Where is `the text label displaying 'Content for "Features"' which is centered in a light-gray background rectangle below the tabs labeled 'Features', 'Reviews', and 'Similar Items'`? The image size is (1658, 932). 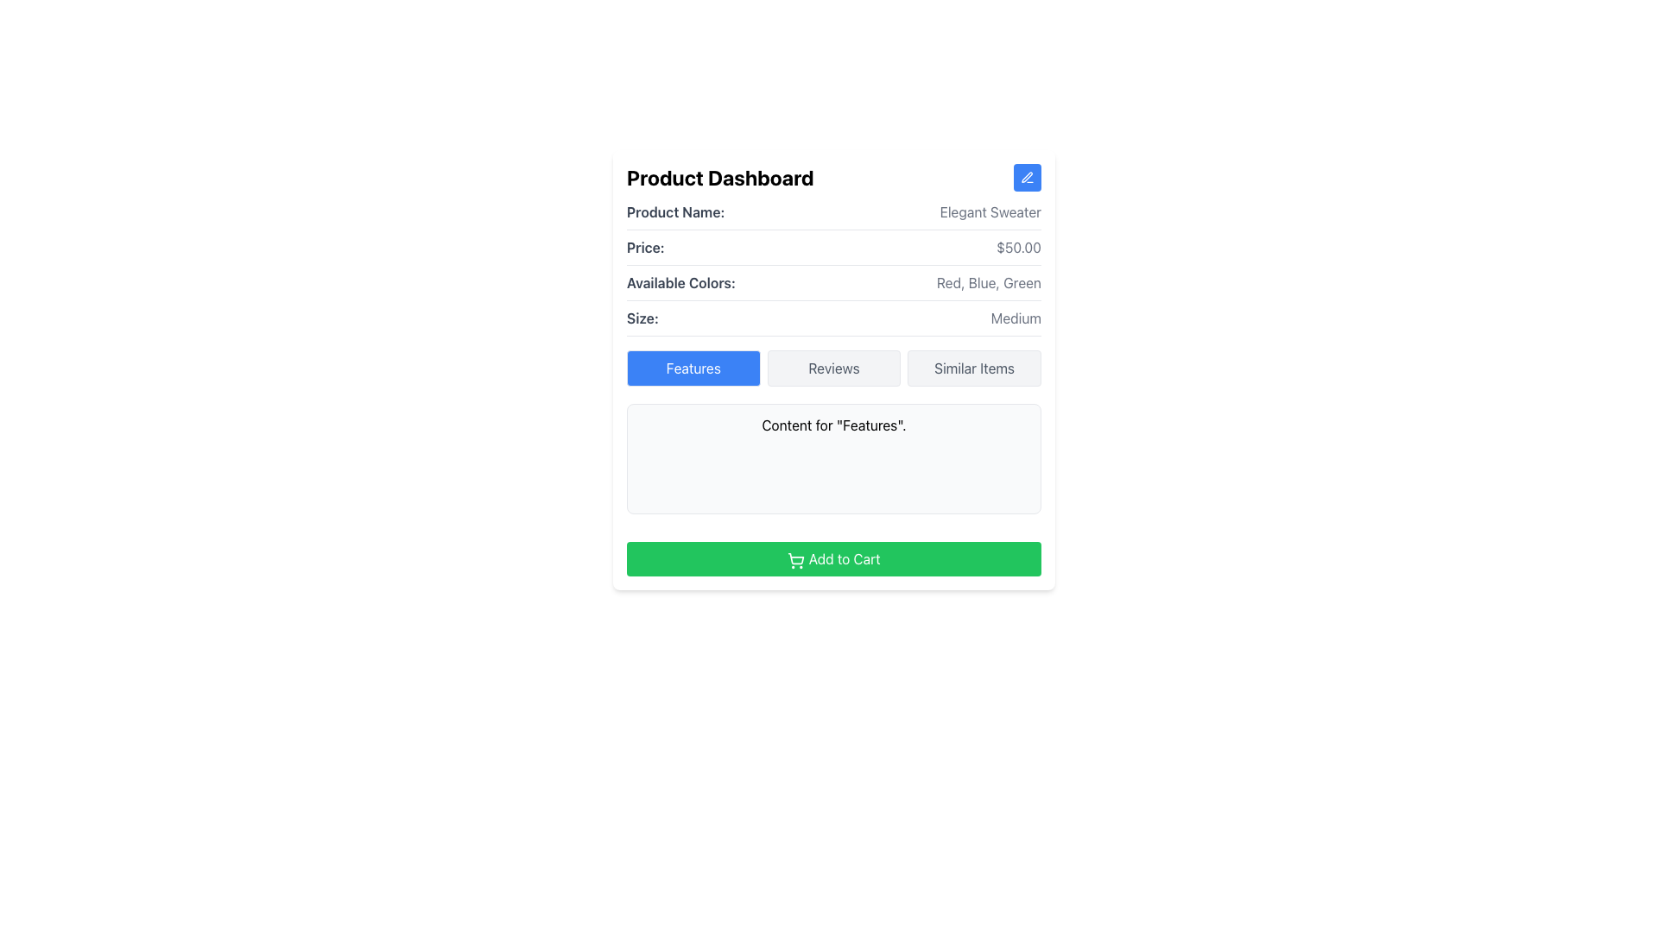
the text label displaying 'Content for "Features"' which is centered in a light-gray background rectangle below the tabs labeled 'Features', 'Reviews', and 'Similar Items' is located at coordinates (833, 425).